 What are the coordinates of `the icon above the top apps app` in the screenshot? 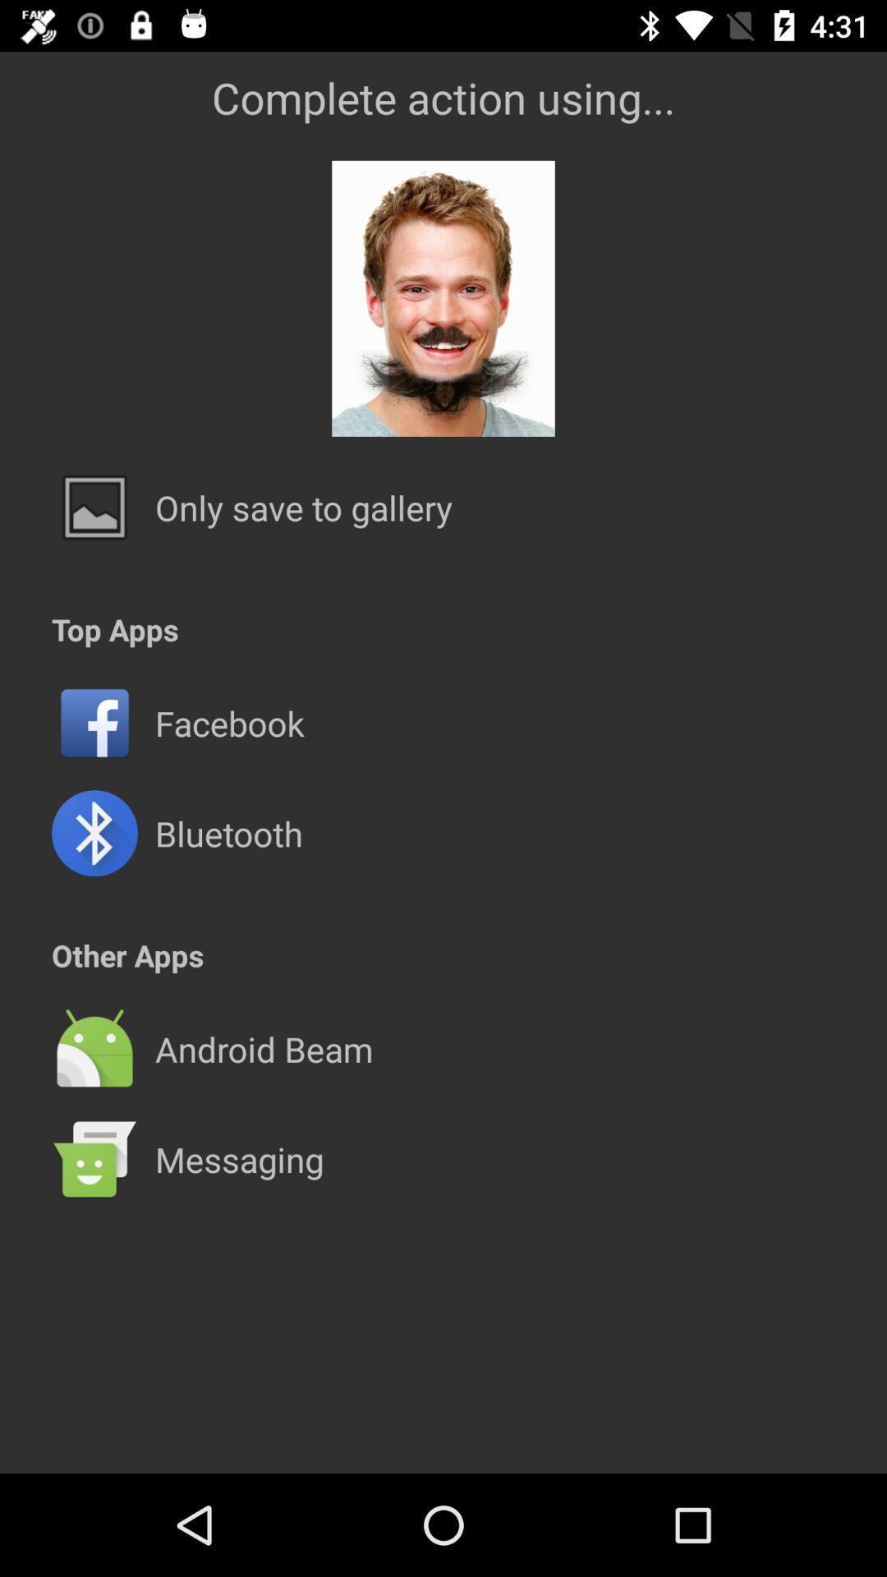 It's located at (304, 507).